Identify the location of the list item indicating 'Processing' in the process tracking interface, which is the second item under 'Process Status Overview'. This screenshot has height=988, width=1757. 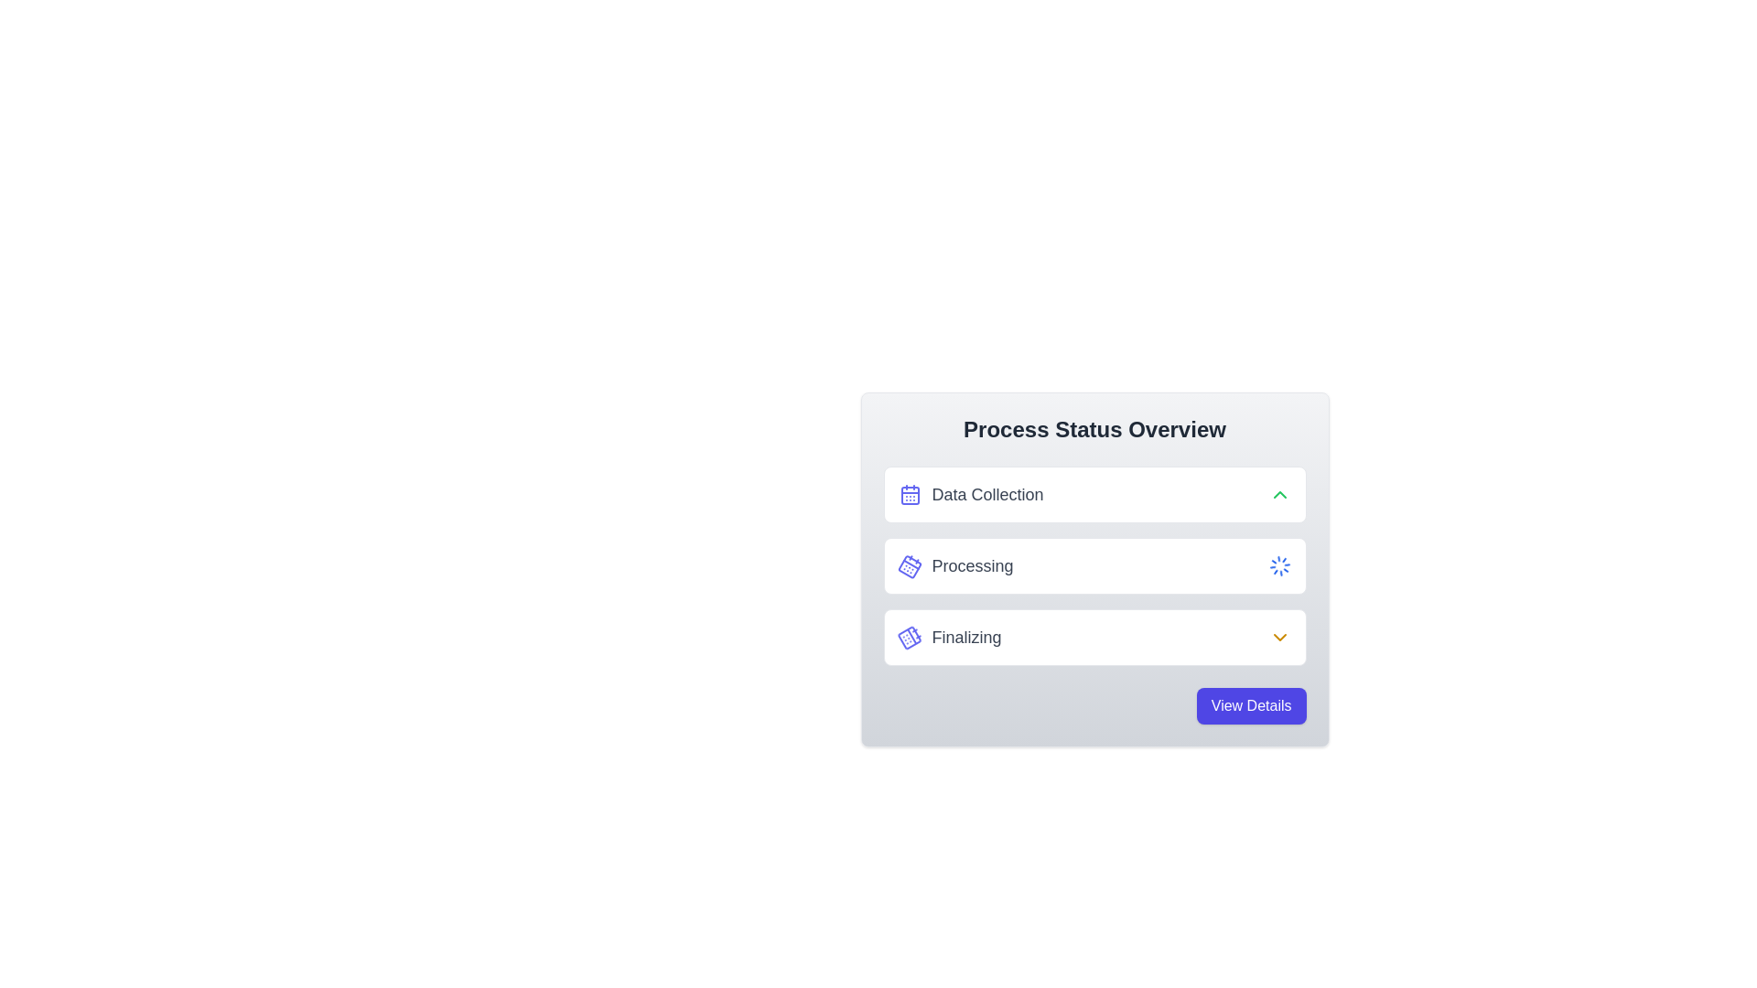
(955, 564).